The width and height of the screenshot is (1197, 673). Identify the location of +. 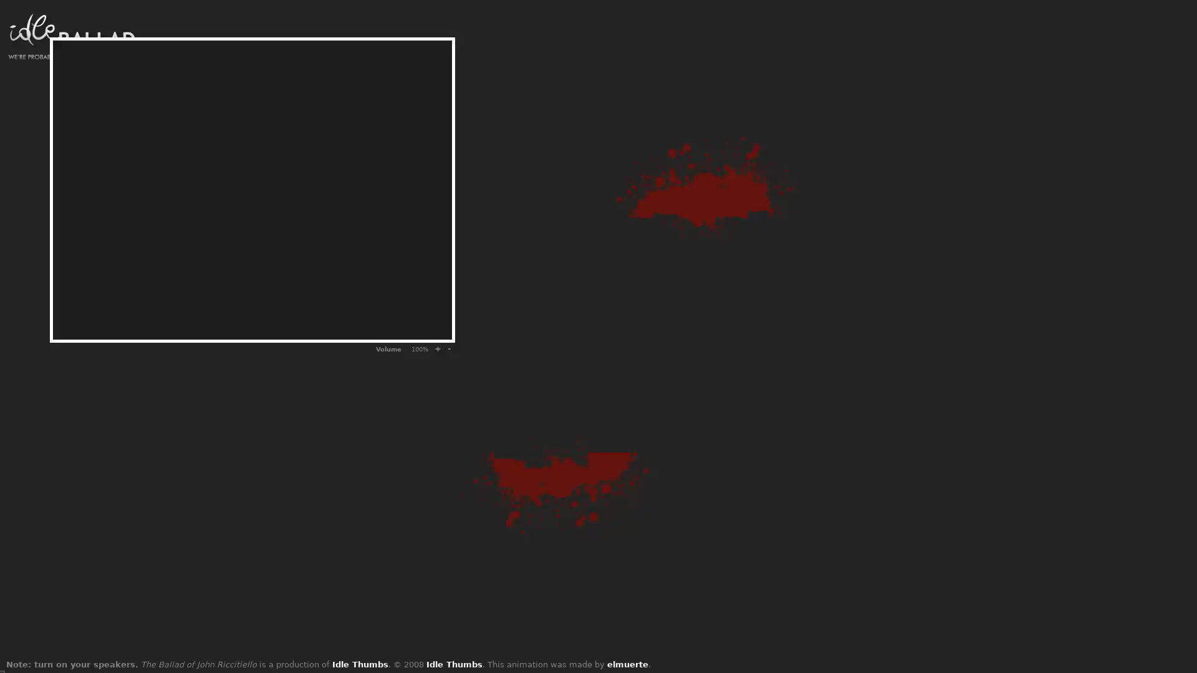
(436, 348).